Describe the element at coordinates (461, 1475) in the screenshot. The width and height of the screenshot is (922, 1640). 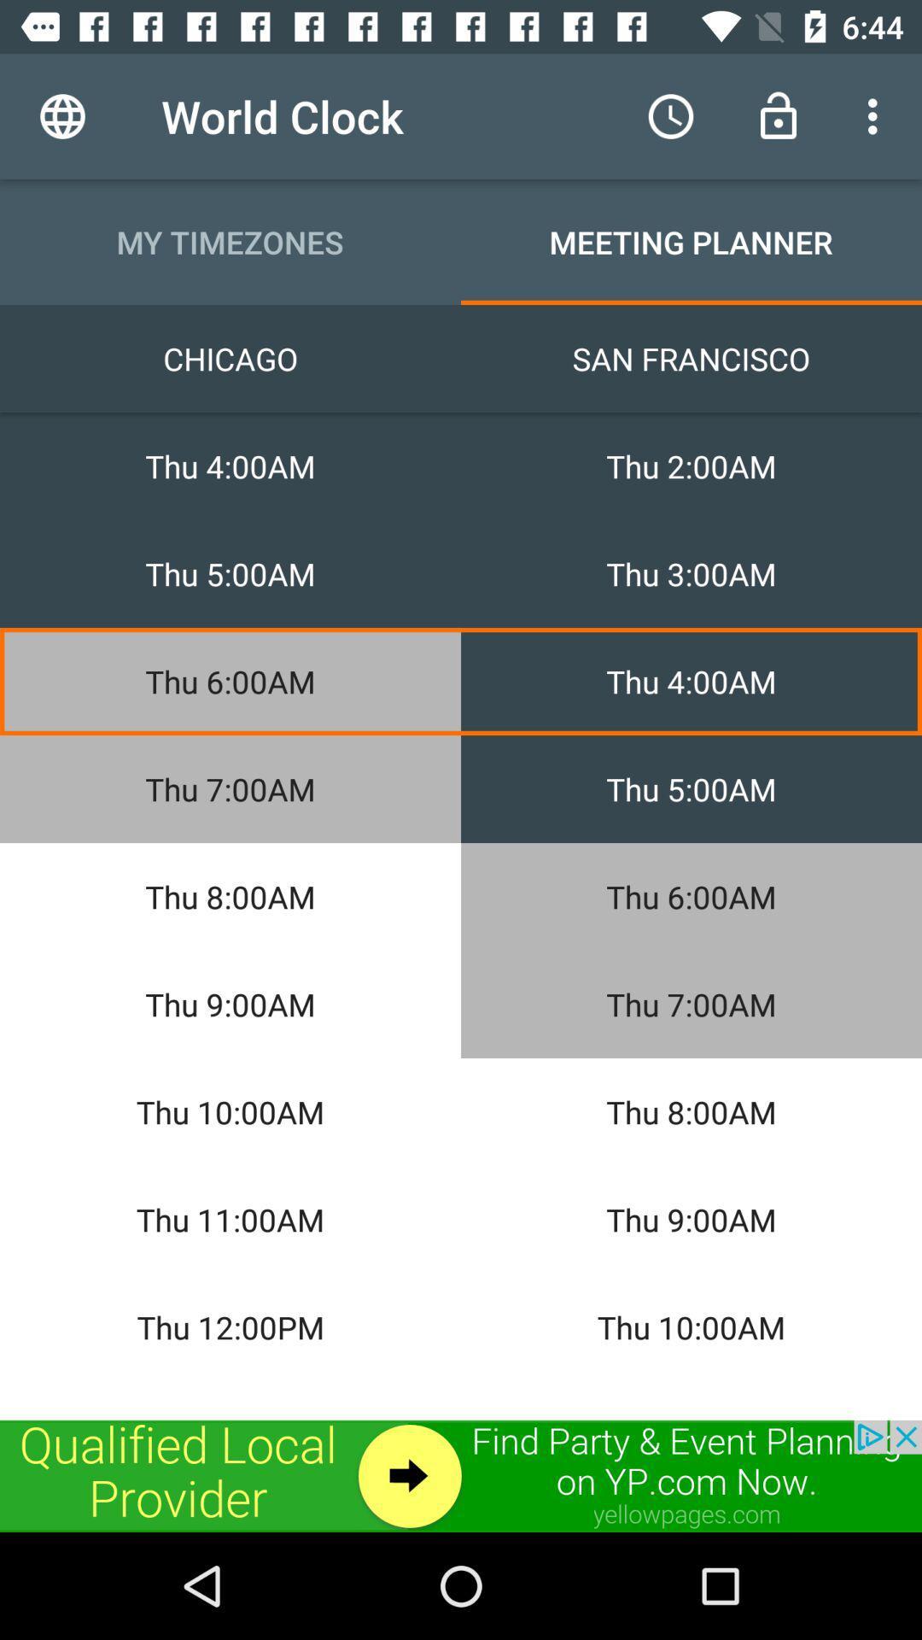
I see `advertisement for event planning on yp.com` at that location.